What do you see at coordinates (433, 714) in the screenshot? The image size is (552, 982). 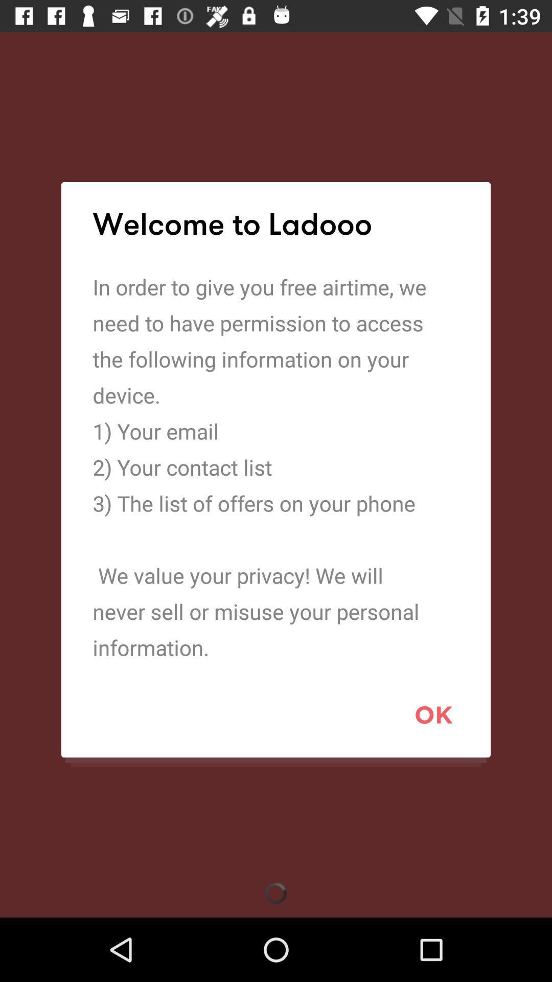 I see `the icon below the in order to item` at bounding box center [433, 714].